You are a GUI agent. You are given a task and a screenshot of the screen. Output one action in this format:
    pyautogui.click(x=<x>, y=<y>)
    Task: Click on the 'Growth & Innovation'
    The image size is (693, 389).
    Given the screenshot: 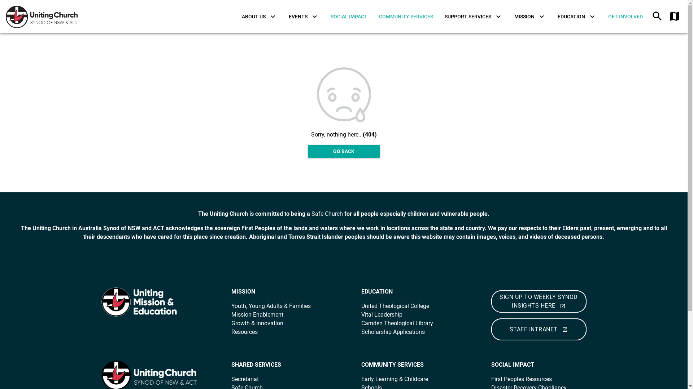 What is the action you would take?
    pyautogui.click(x=257, y=323)
    